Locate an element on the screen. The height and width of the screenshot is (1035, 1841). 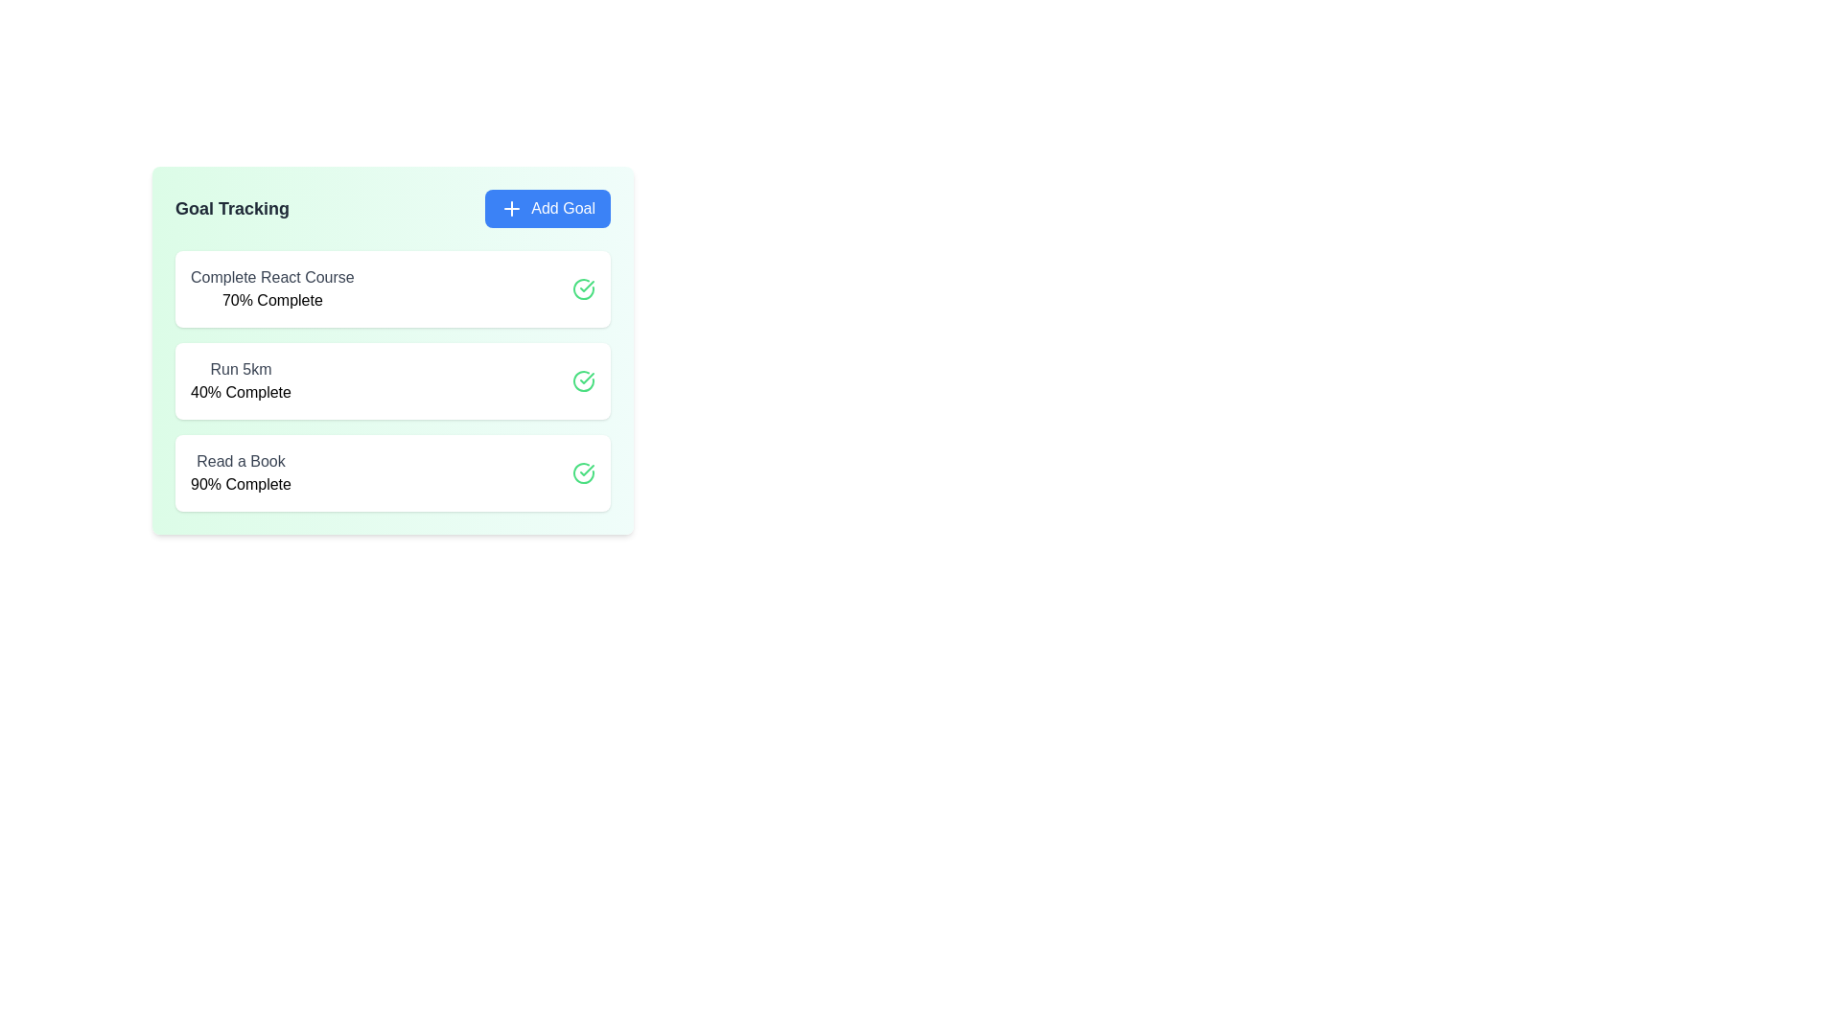
the static text displaying '70% Complete' located below the heading 'Complete React Course' within the progress tracking interface is located at coordinates (271, 300).